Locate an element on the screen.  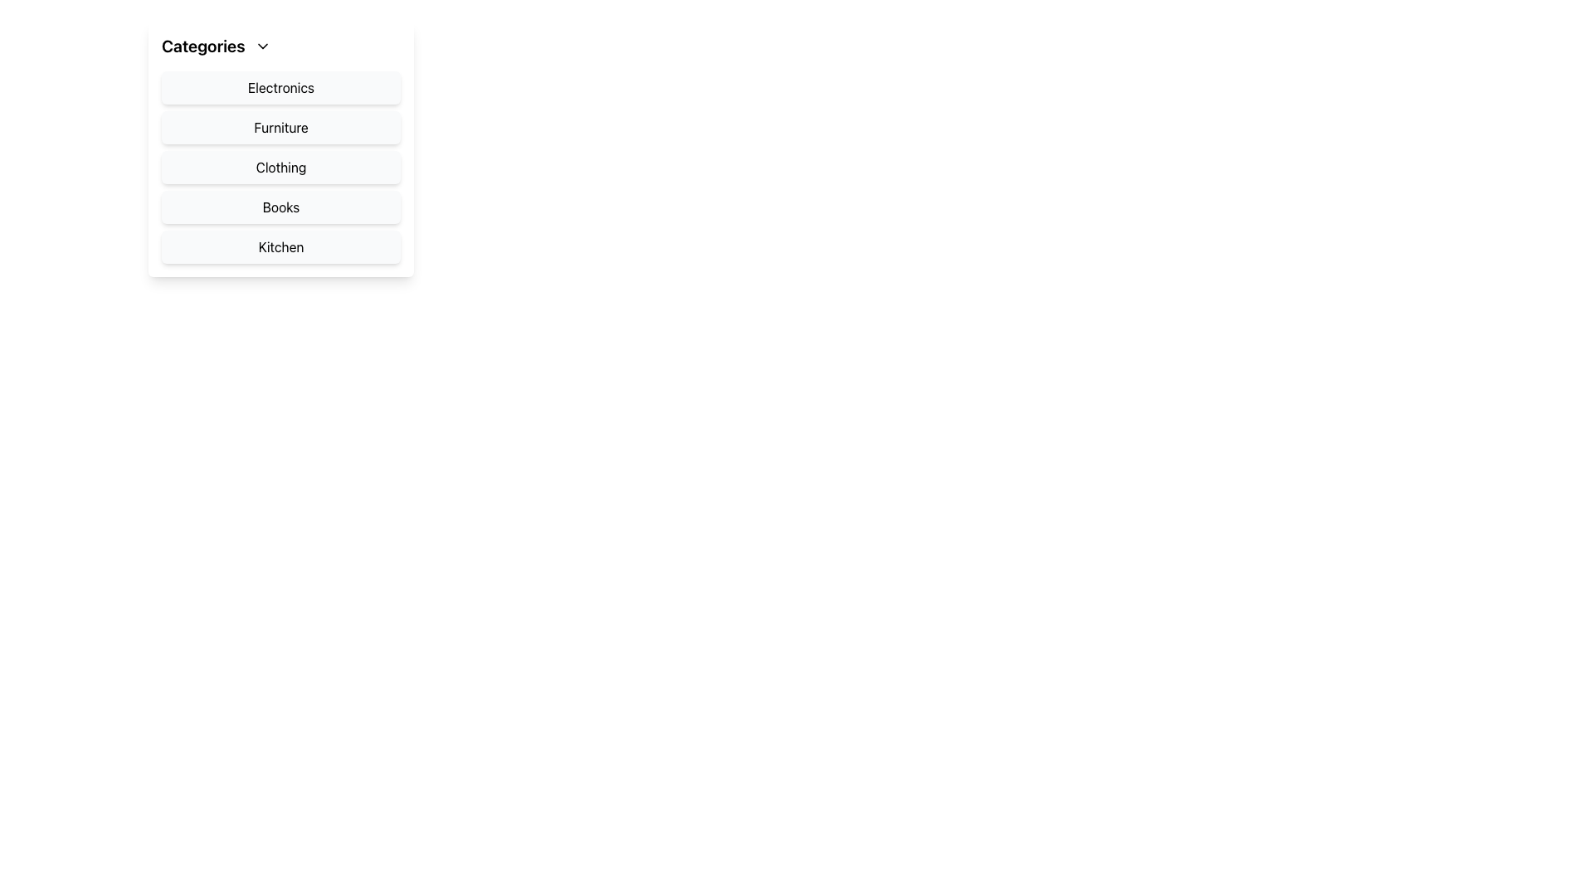
the third item in the vertical list inside the 'Categories' panel is located at coordinates (281, 167).